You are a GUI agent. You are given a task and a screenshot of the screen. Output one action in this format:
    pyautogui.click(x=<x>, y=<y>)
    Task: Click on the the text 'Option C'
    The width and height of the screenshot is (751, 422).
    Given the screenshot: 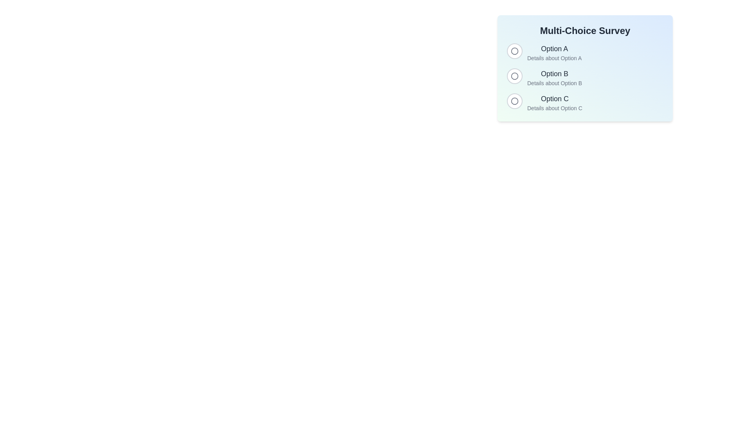 What is the action you would take?
    pyautogui.click(x=544, y=102)
    